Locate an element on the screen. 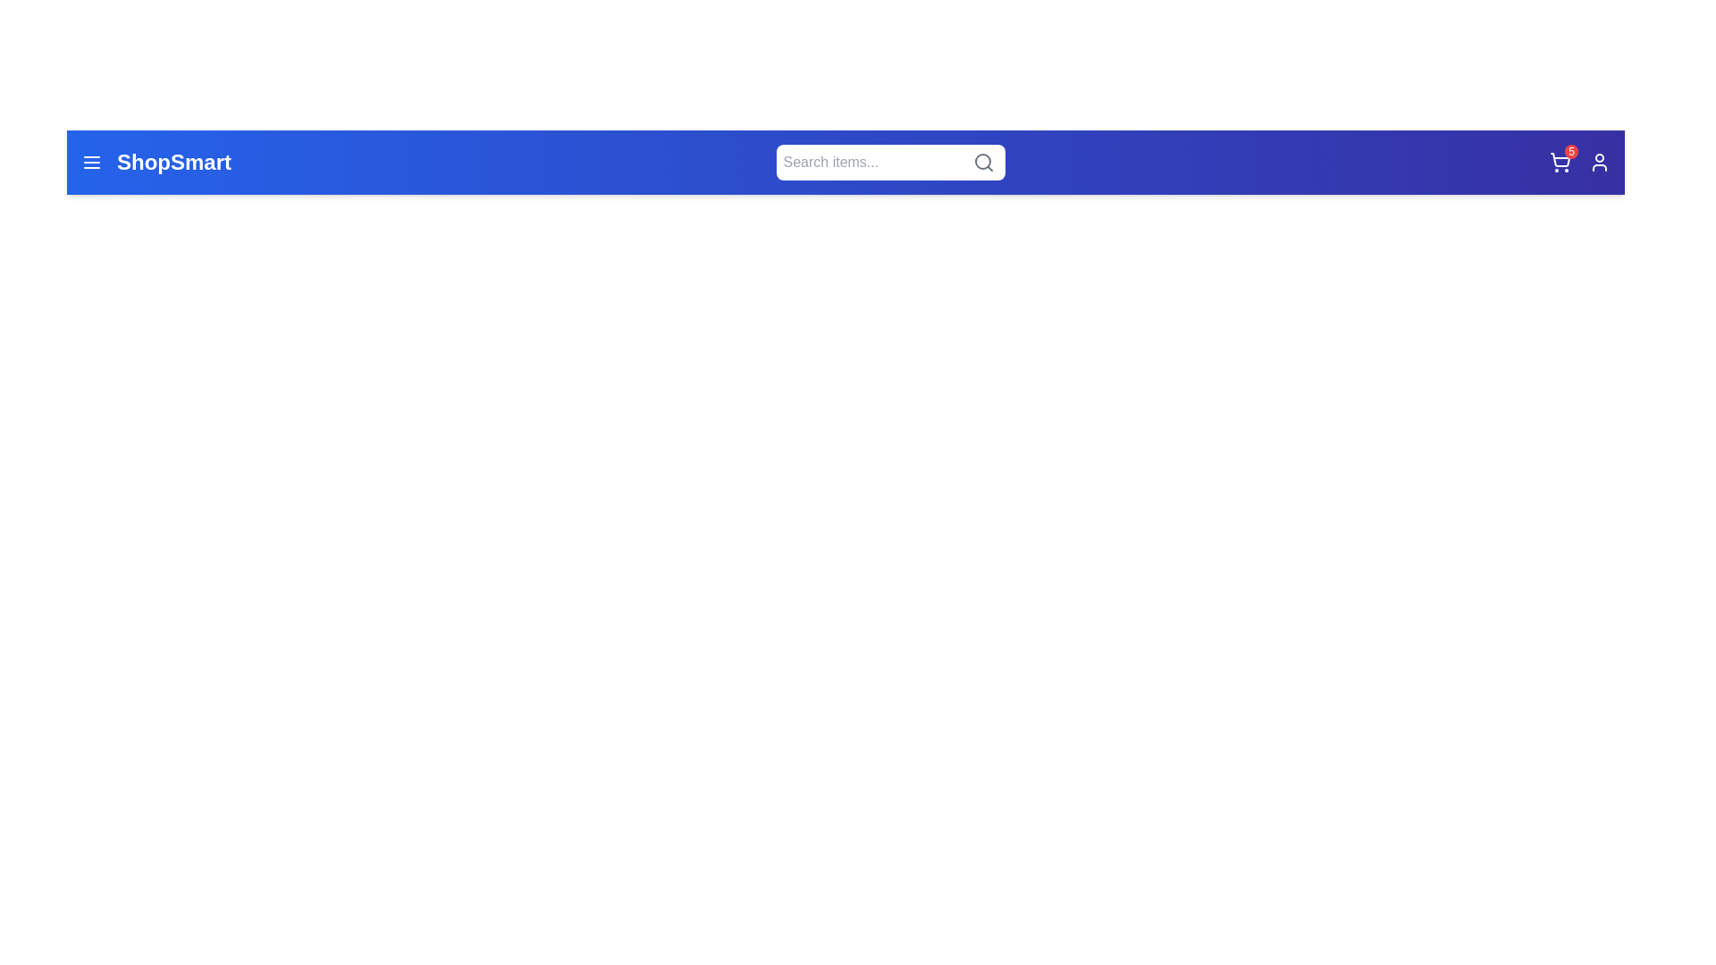 The image size is (1716, 965). the search field and type the query 'example query' is located at coordinates (890, 162).